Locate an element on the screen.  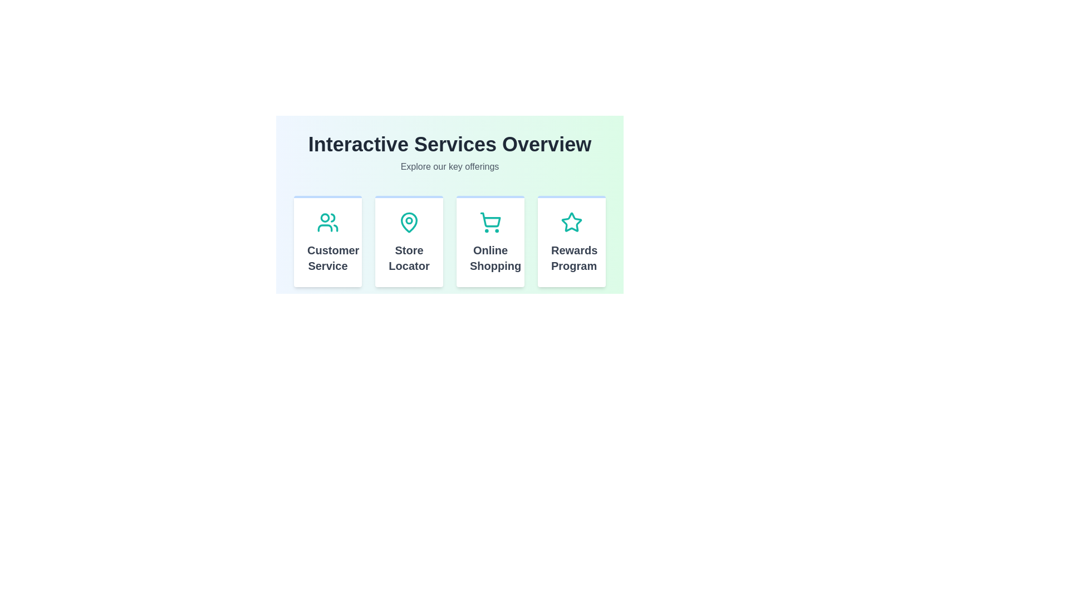
the 'Store Locator' text, which is styled in bold dark gray and located at the bottom of the second card in the 'Interactive Services Overview' section is located at coordinates (408, 258).